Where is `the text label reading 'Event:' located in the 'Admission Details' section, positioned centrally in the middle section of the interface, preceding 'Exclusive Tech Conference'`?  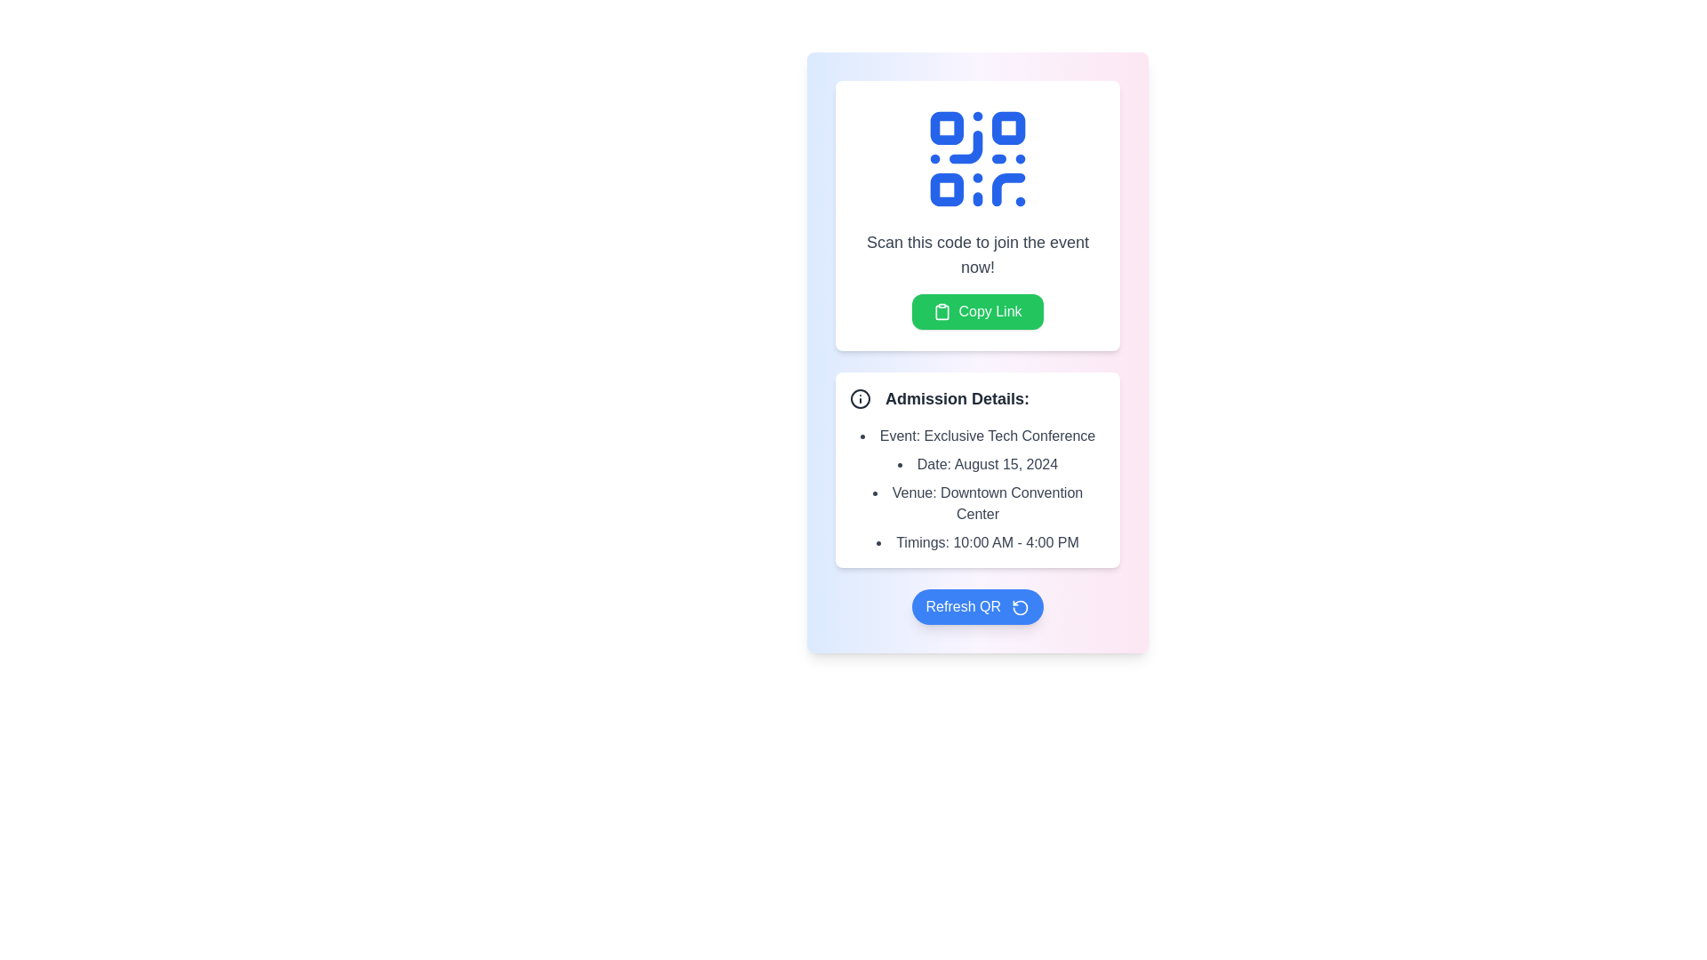
the text label reading 'Event:' located in the 'Admission Details' section, positioned centrally in the middle section of the interface, preceding 'Exclusive Tech Conference' is located at coordinates (900, 436).